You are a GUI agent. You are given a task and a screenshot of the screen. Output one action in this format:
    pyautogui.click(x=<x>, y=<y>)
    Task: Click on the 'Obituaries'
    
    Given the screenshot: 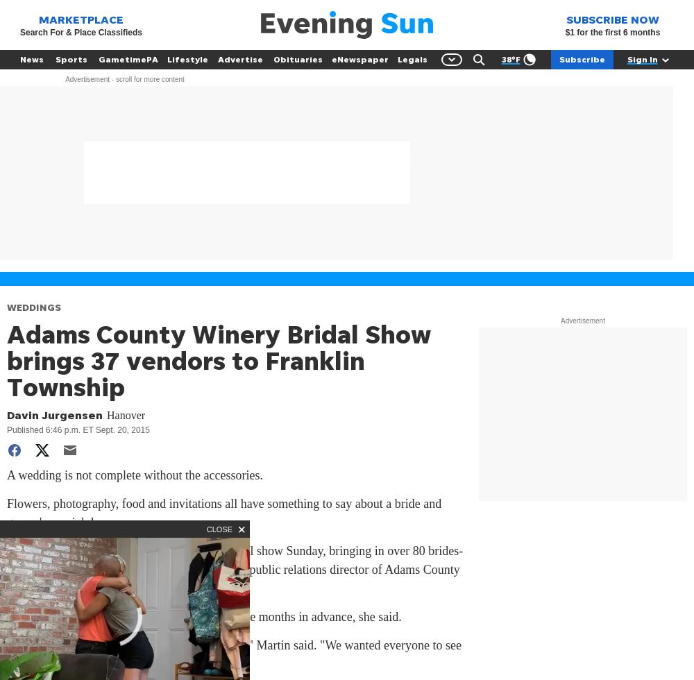 What is the action you would take?
    pyautogui.click(x=297, y=59)
    